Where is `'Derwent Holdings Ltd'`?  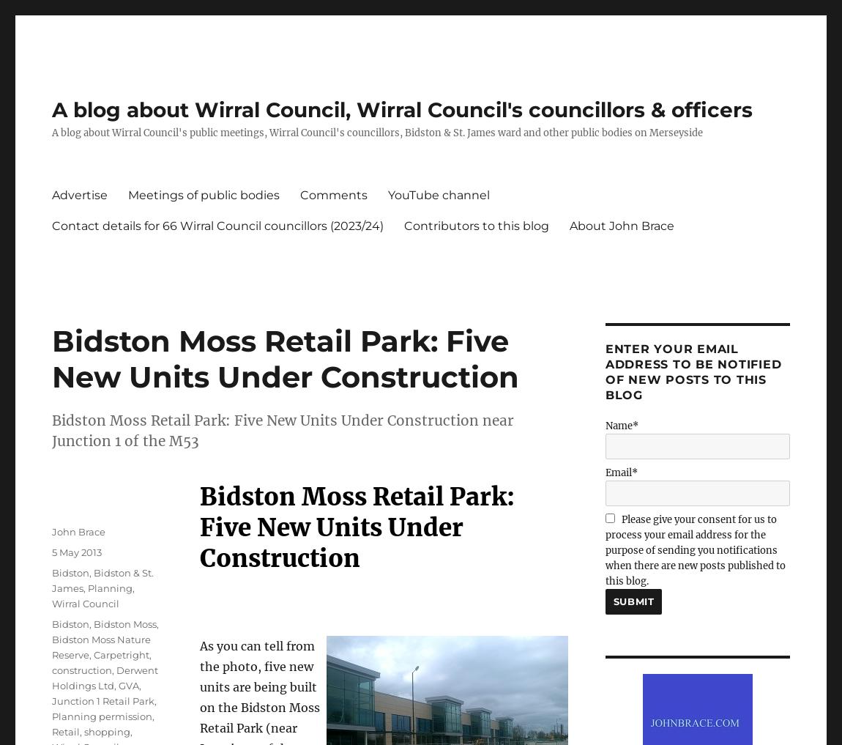
'Derwent Holdings Ltd' is located at coordinates (104, 677).